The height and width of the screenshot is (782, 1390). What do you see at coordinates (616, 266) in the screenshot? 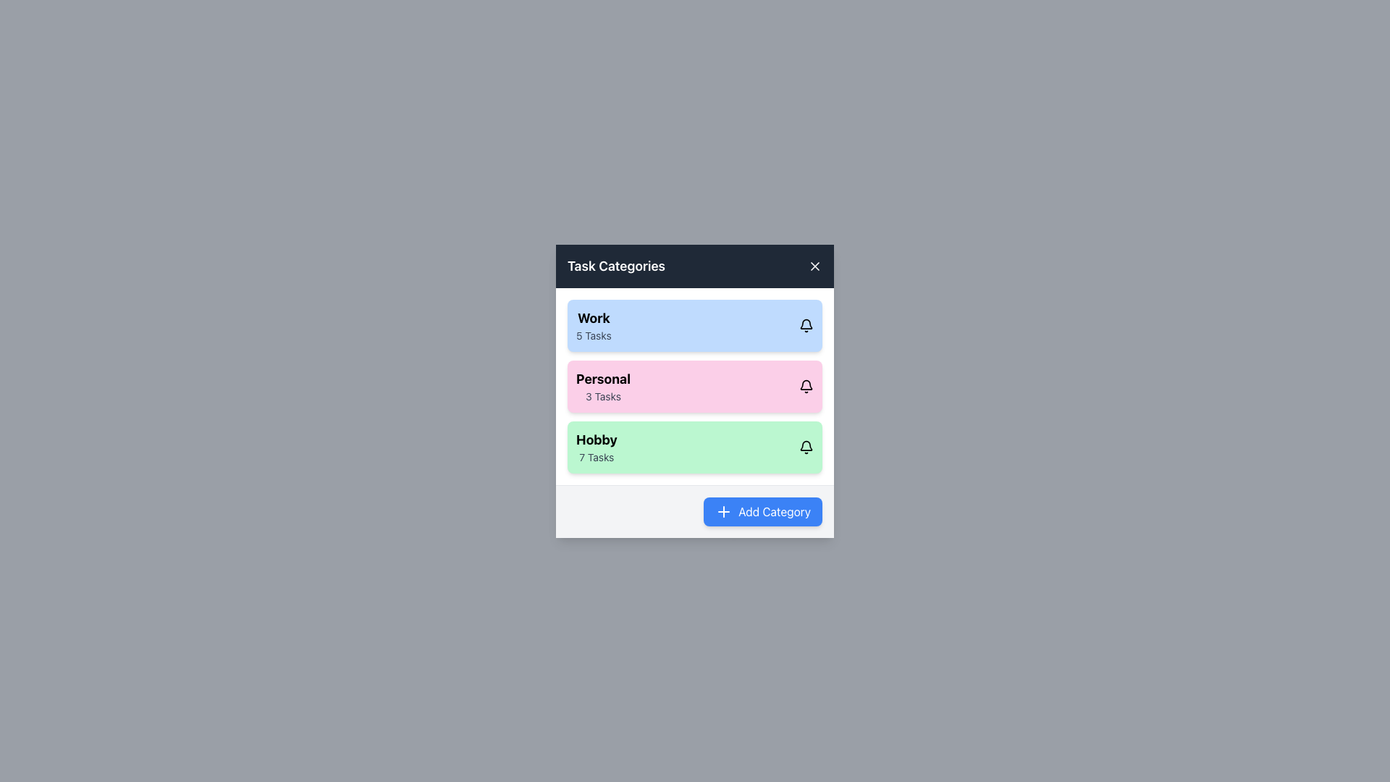
I see `the Text Label located in the top-left portion of the header bar, which serves as a section title for the tasks below` at bounding box center [616, 266].